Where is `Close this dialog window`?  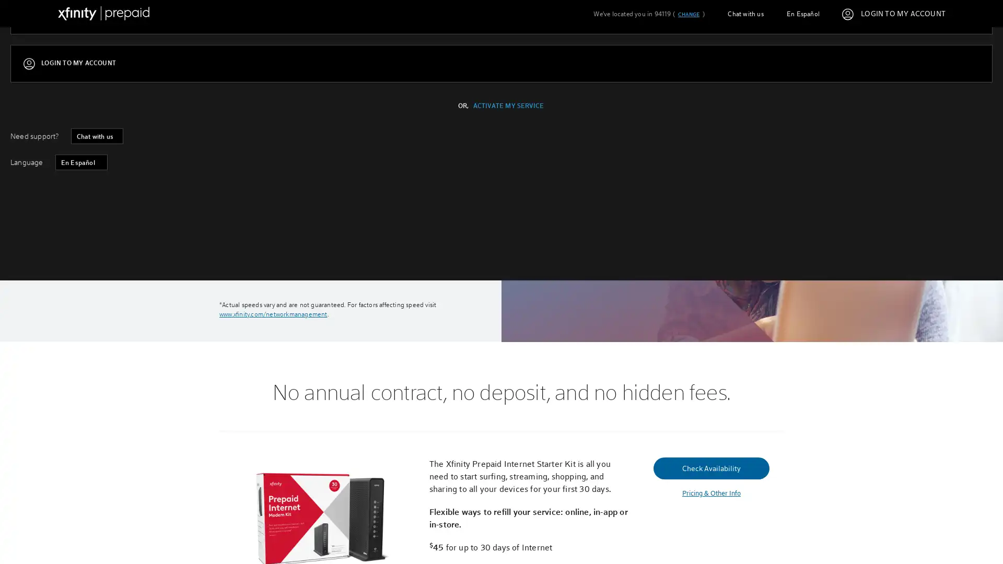 Close this dialog window is located at coordinates (699, 242).